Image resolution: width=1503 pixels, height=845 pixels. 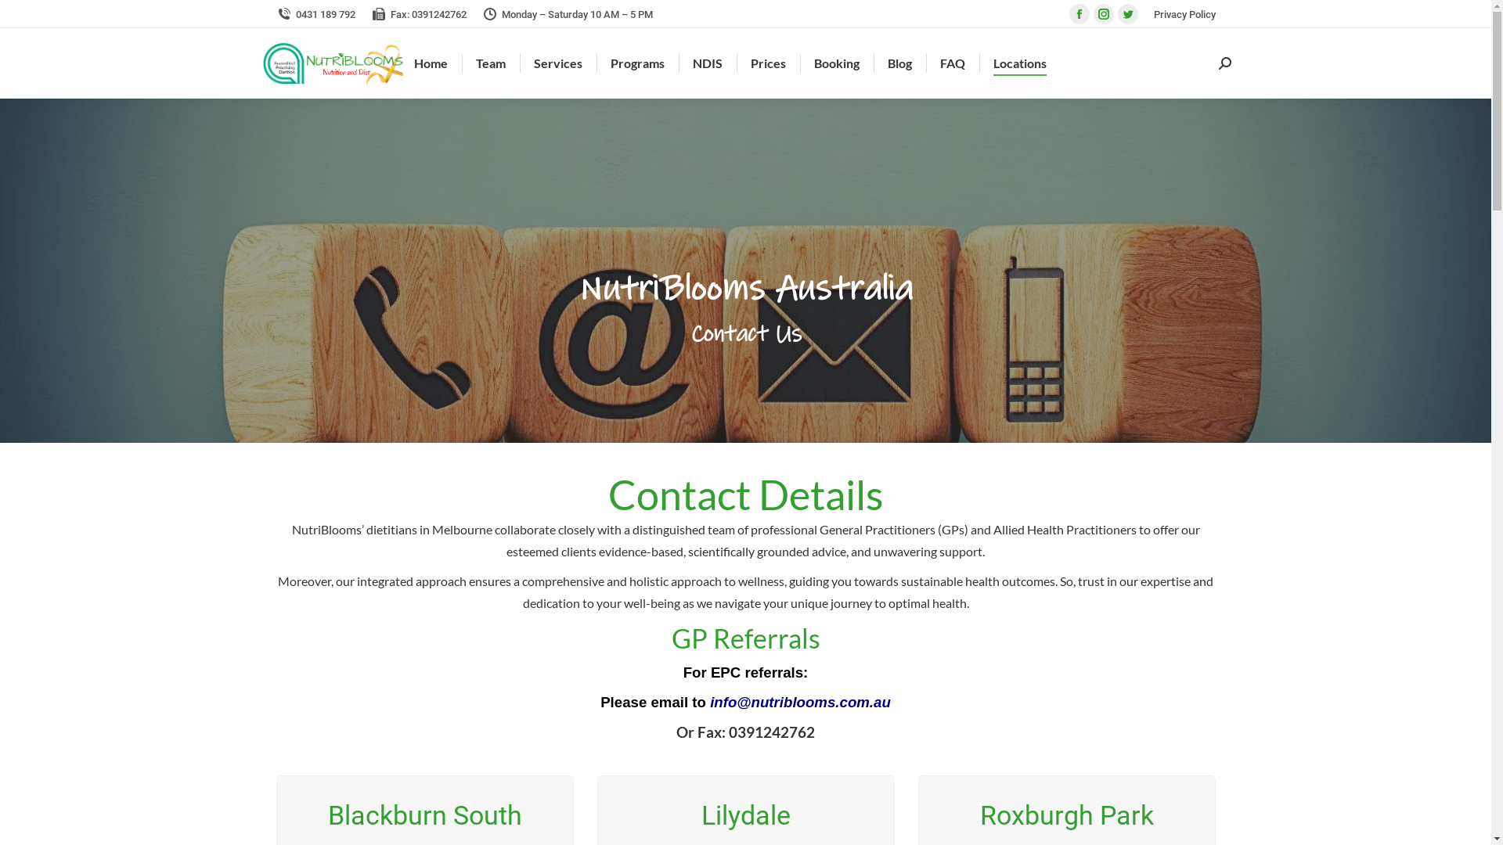 I want to click on 'FAQ', so click(x=952, y=63).